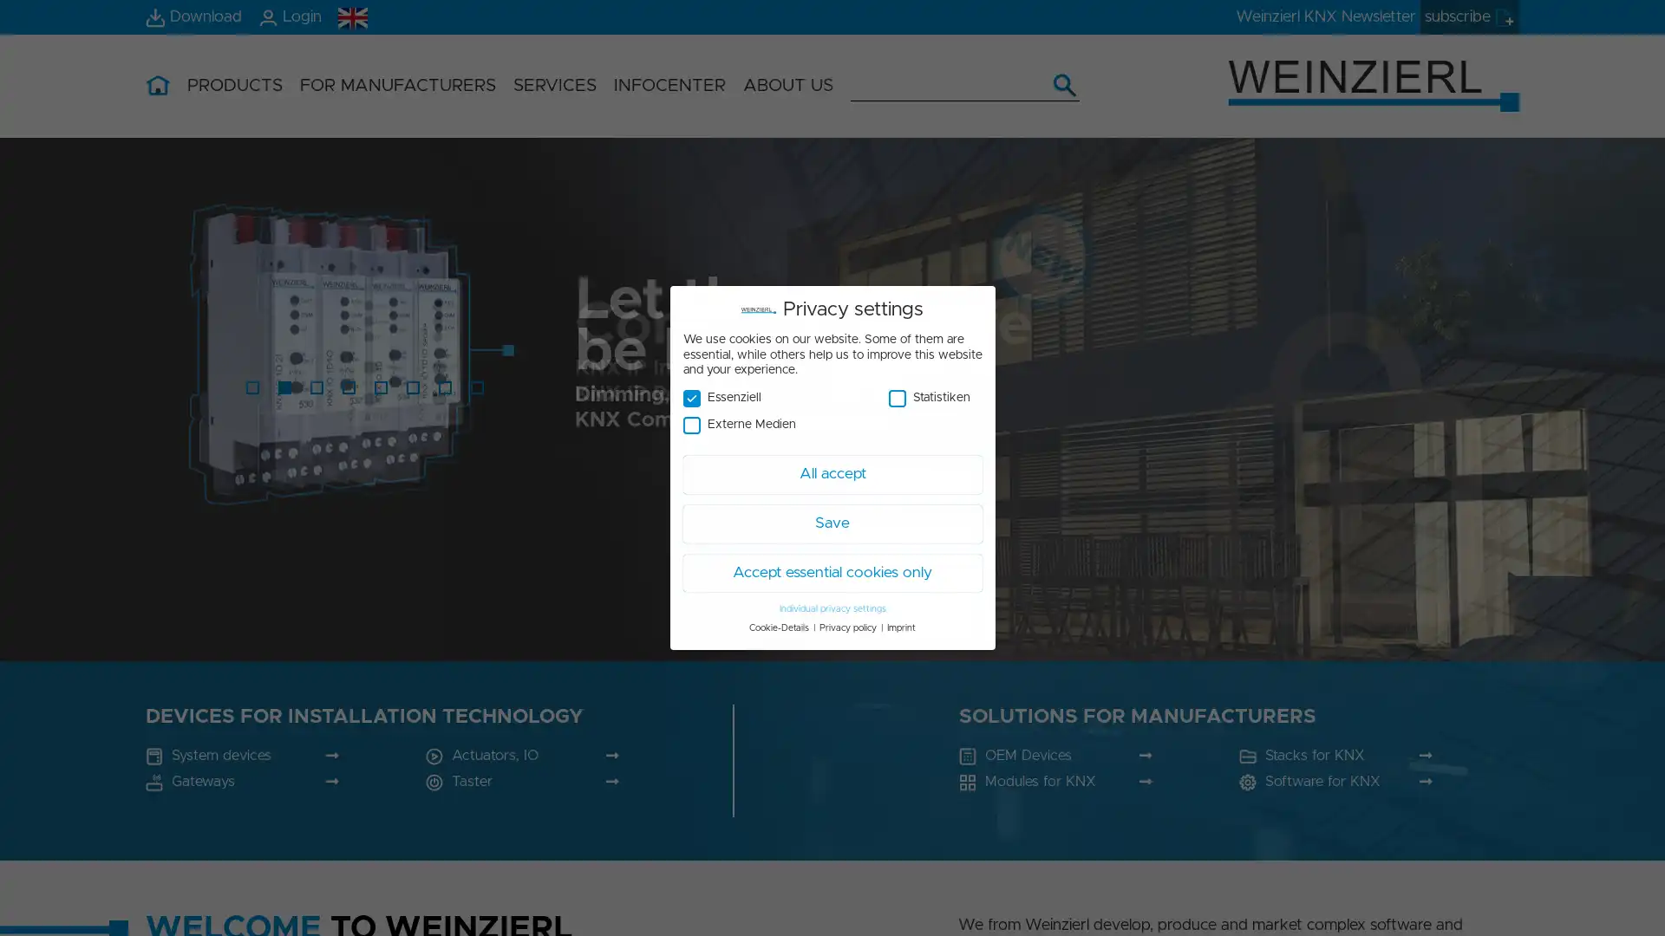 The image size is (1665, 936). I want to click on Privacy policy, so click(848, 628).